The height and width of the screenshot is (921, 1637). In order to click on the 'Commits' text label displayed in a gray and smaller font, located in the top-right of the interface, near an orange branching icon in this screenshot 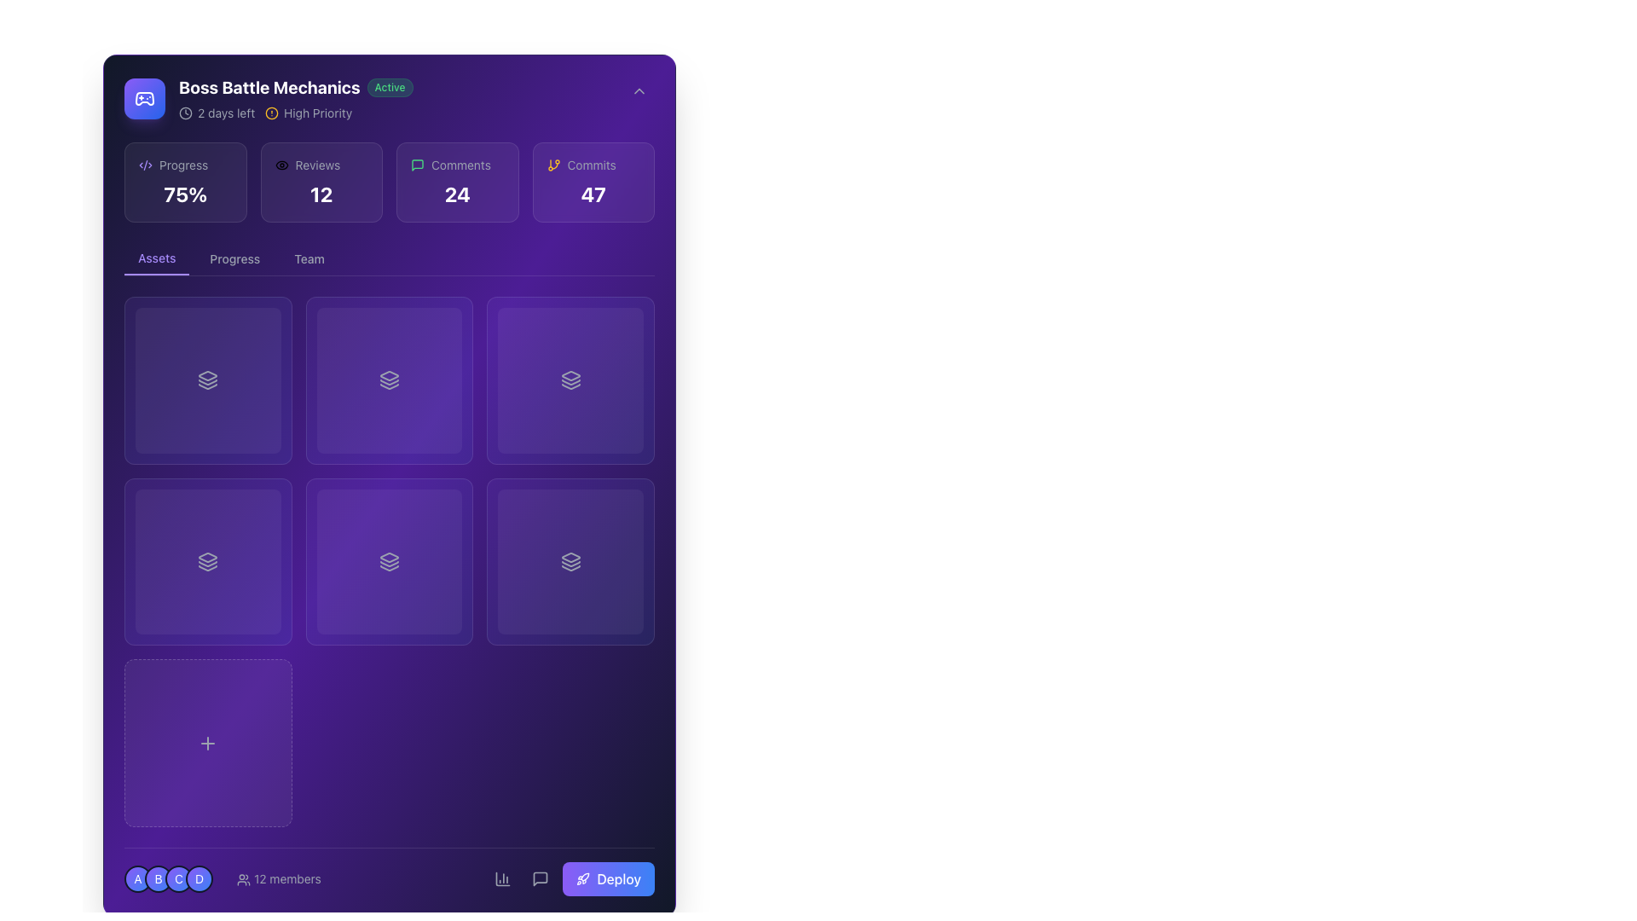, I will do `click(592, 165)`.